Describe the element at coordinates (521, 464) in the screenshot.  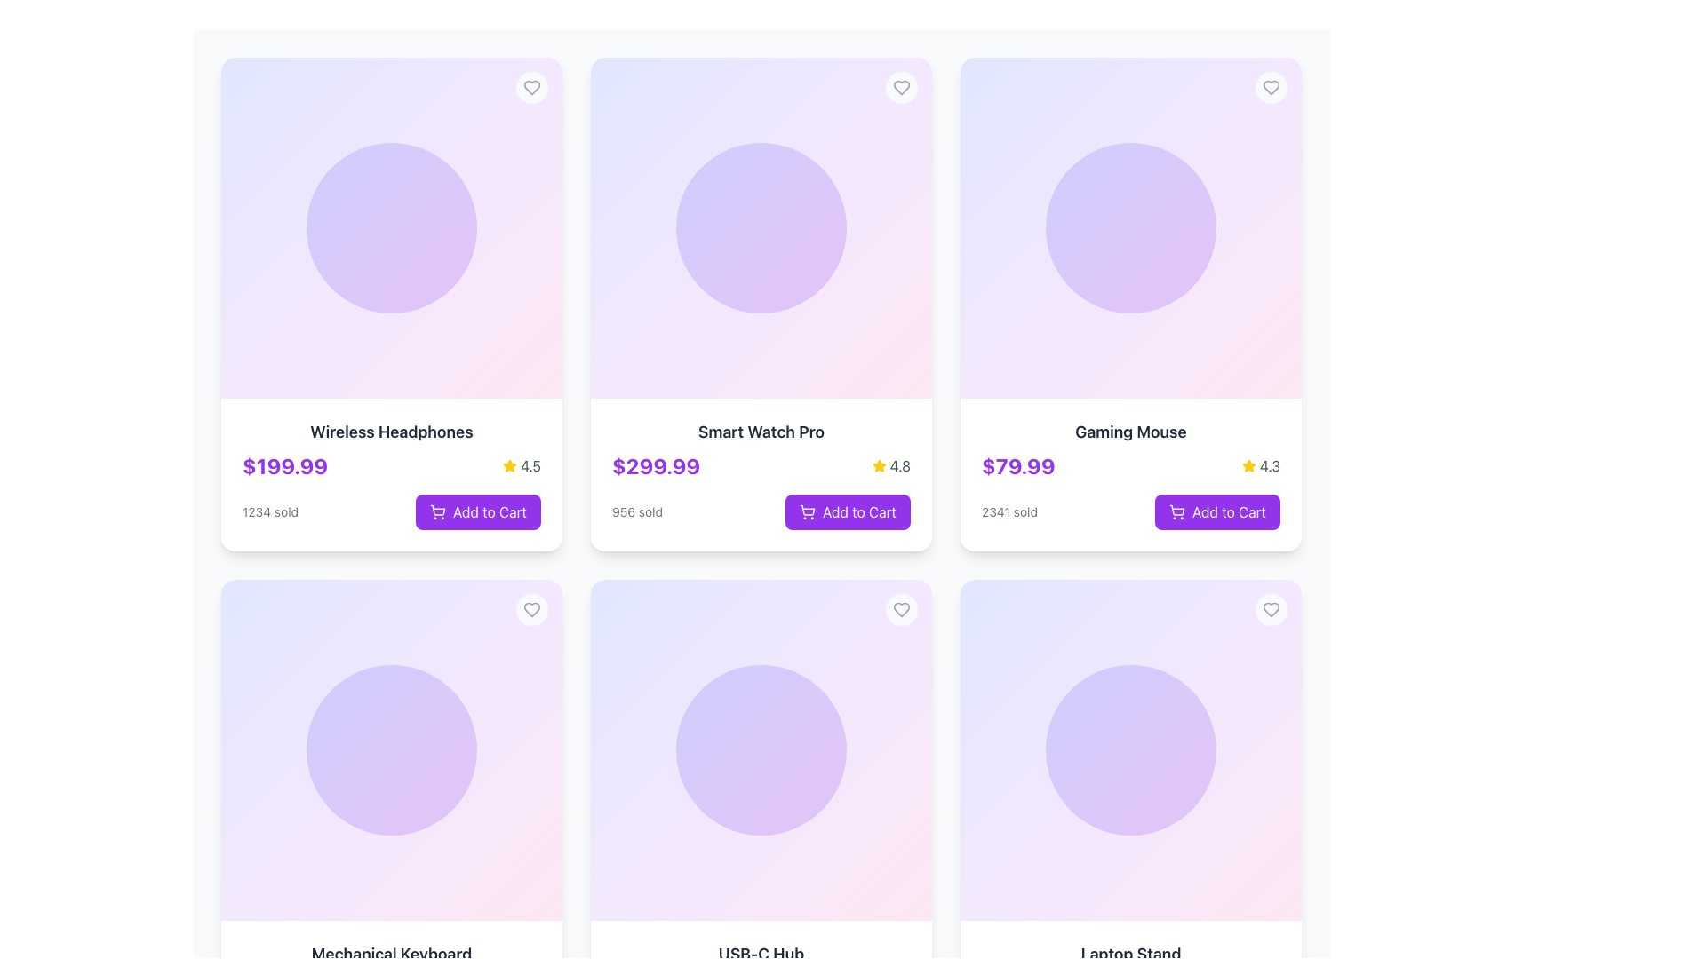
I see `the rating indicator displaying a yellow star icon and the text '4.5' located under the product name 'Wireless Headphones' and to the right of the price '$199.99'` at that location.